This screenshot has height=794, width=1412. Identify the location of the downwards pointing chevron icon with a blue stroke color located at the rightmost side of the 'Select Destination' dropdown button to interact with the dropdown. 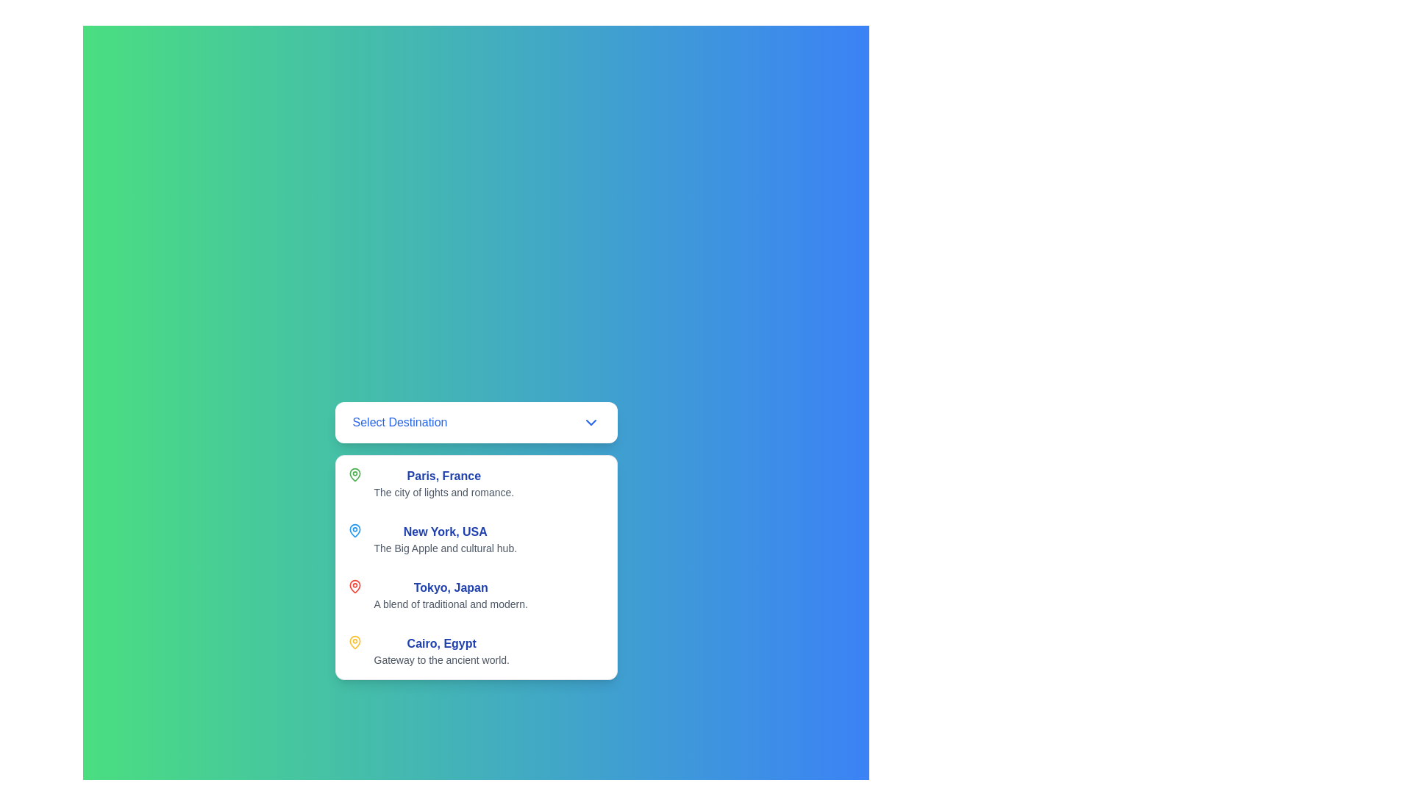
(591, 422).